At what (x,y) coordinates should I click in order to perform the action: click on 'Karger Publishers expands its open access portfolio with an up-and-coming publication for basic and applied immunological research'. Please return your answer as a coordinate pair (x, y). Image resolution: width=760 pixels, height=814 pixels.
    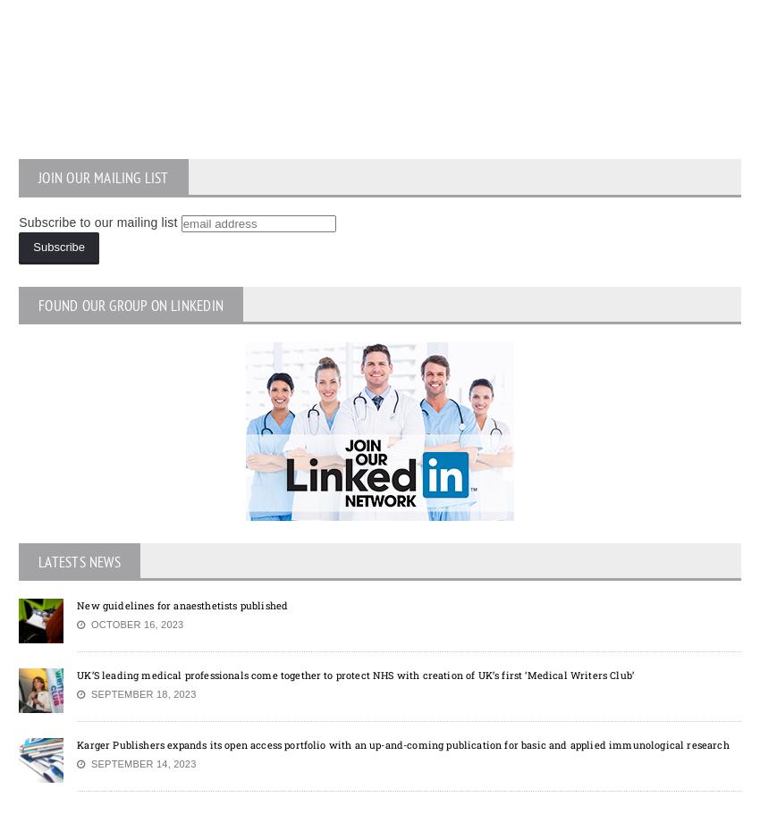
    Looking at the image, I should click on (401, 743).